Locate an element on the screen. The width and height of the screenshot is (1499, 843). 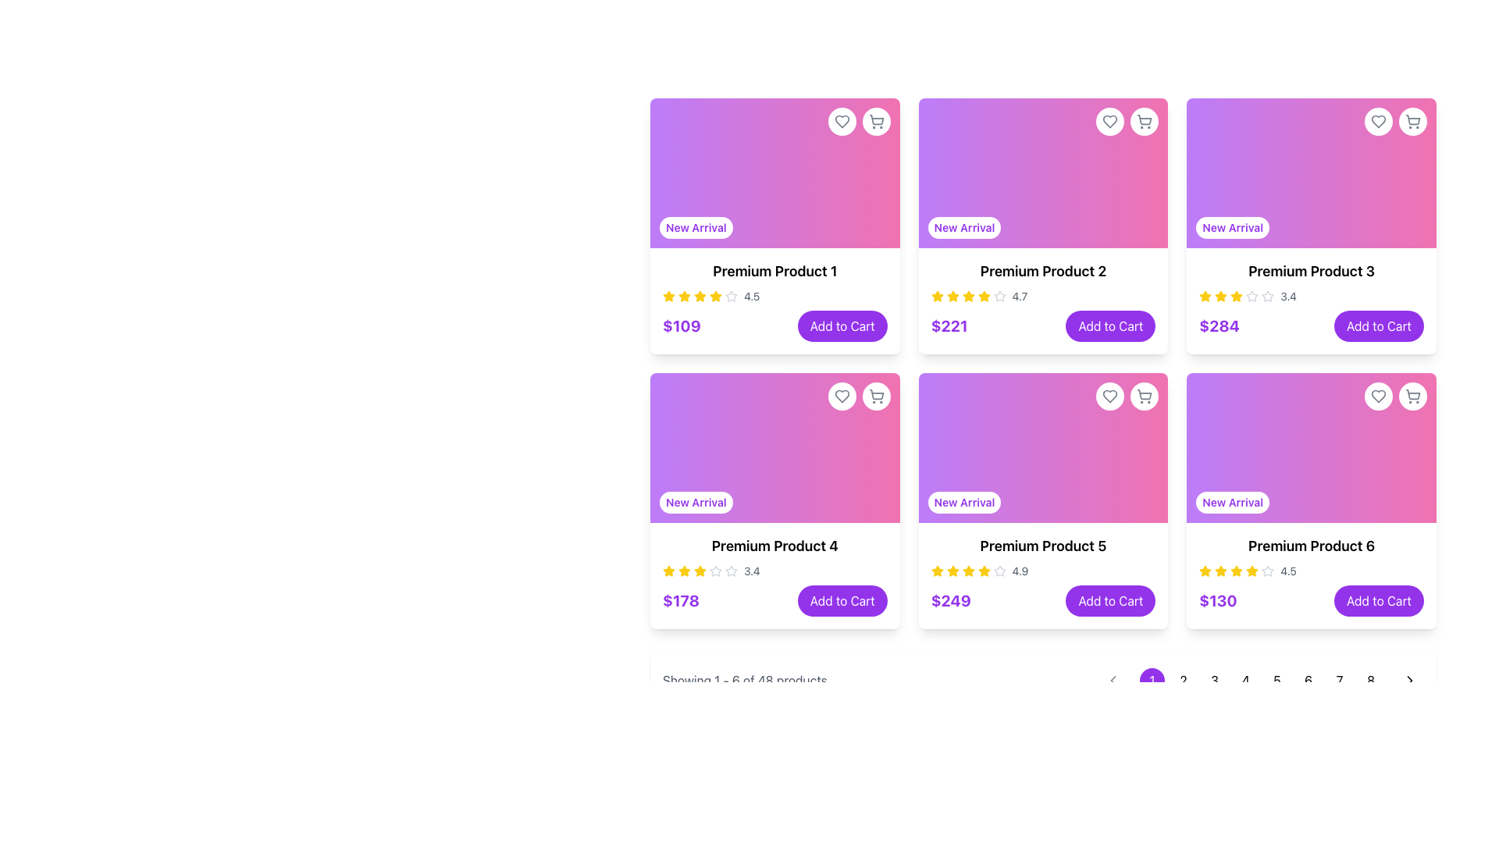
the 'New Arrival' badge, which is a small rounded rectangular badge with a white background and purple text, located in the top-left corner of the product card is located at coordinates (695, 228).